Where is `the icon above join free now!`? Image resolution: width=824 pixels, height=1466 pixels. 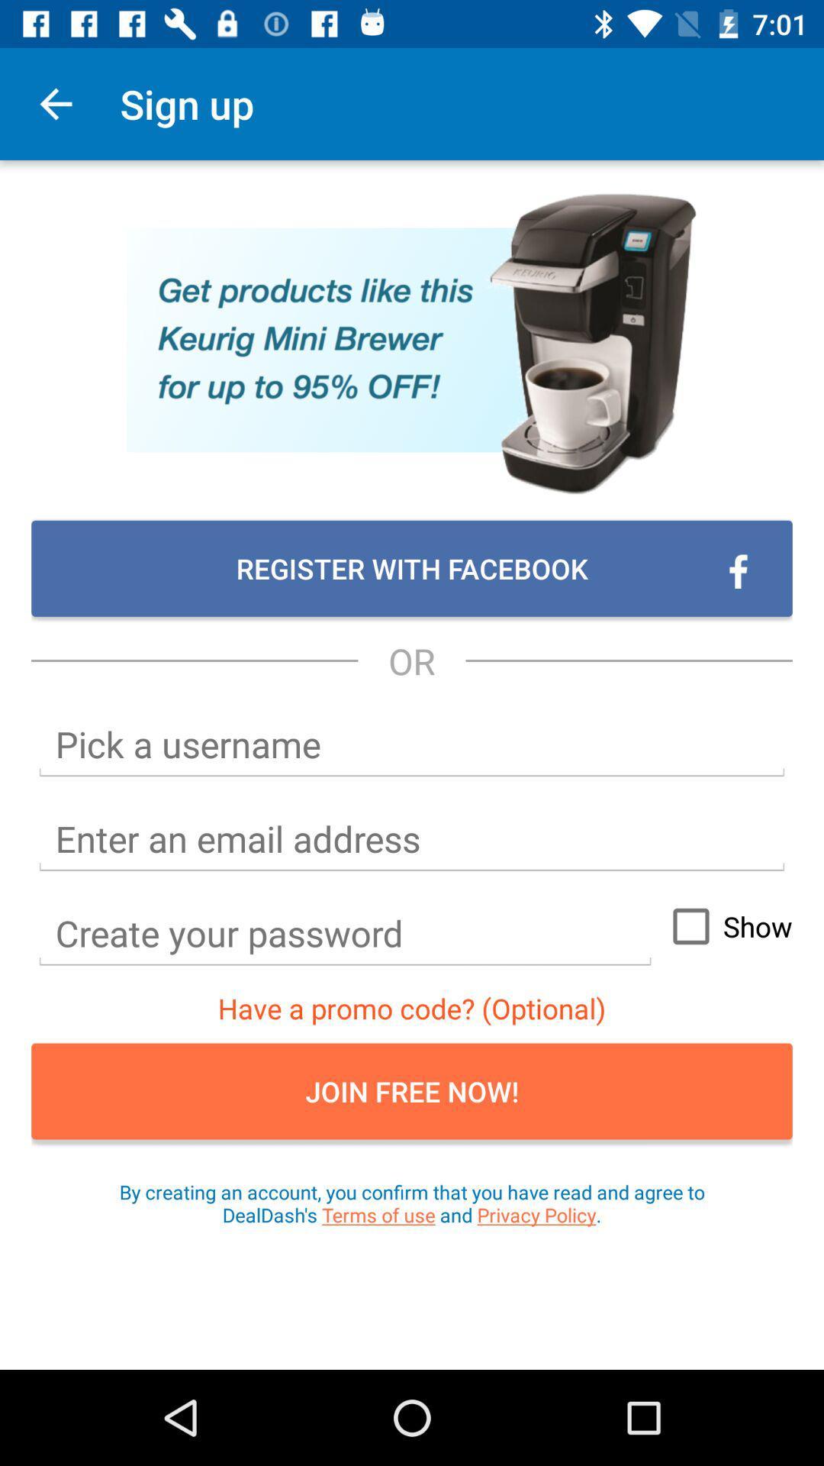
the icon above join free now! is located at coordinates (725, 925).